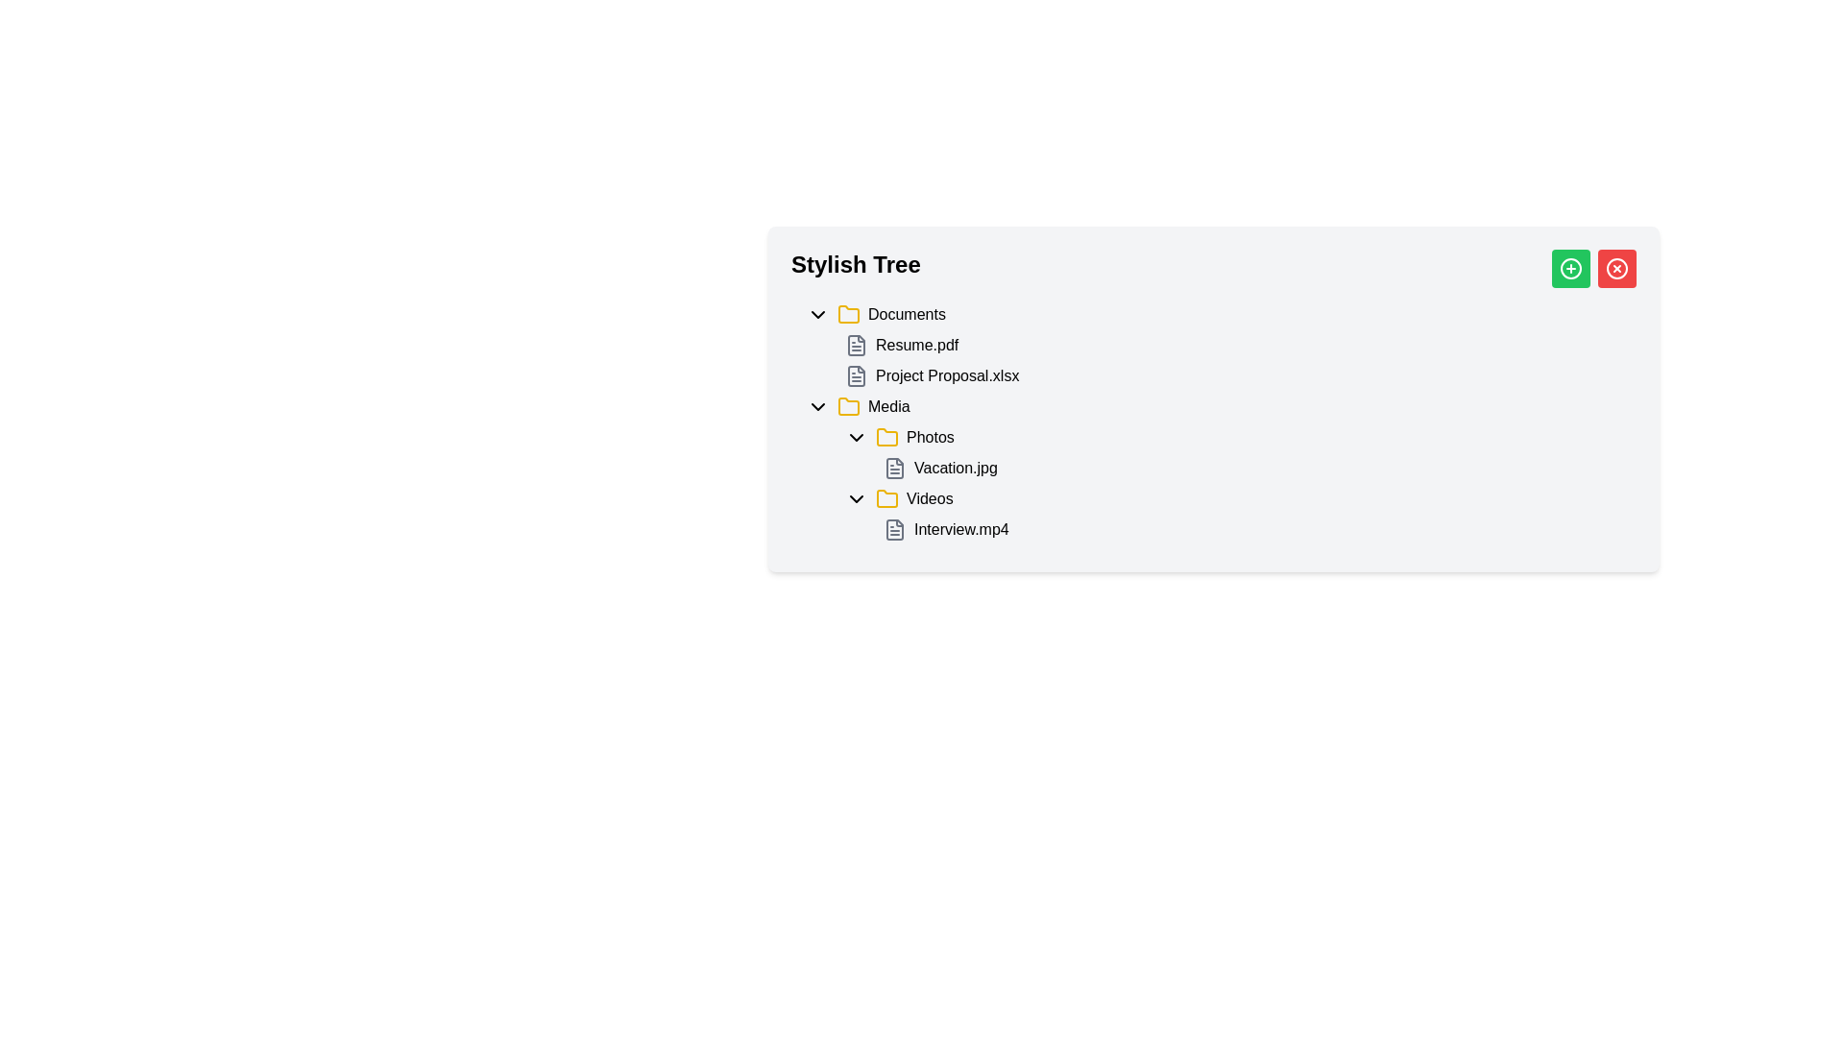  I want to click on the gray document icon located directly to the left of the text 'Vacation.jpg' in the 'Photos' folder under 'Media', so click(893, 469).